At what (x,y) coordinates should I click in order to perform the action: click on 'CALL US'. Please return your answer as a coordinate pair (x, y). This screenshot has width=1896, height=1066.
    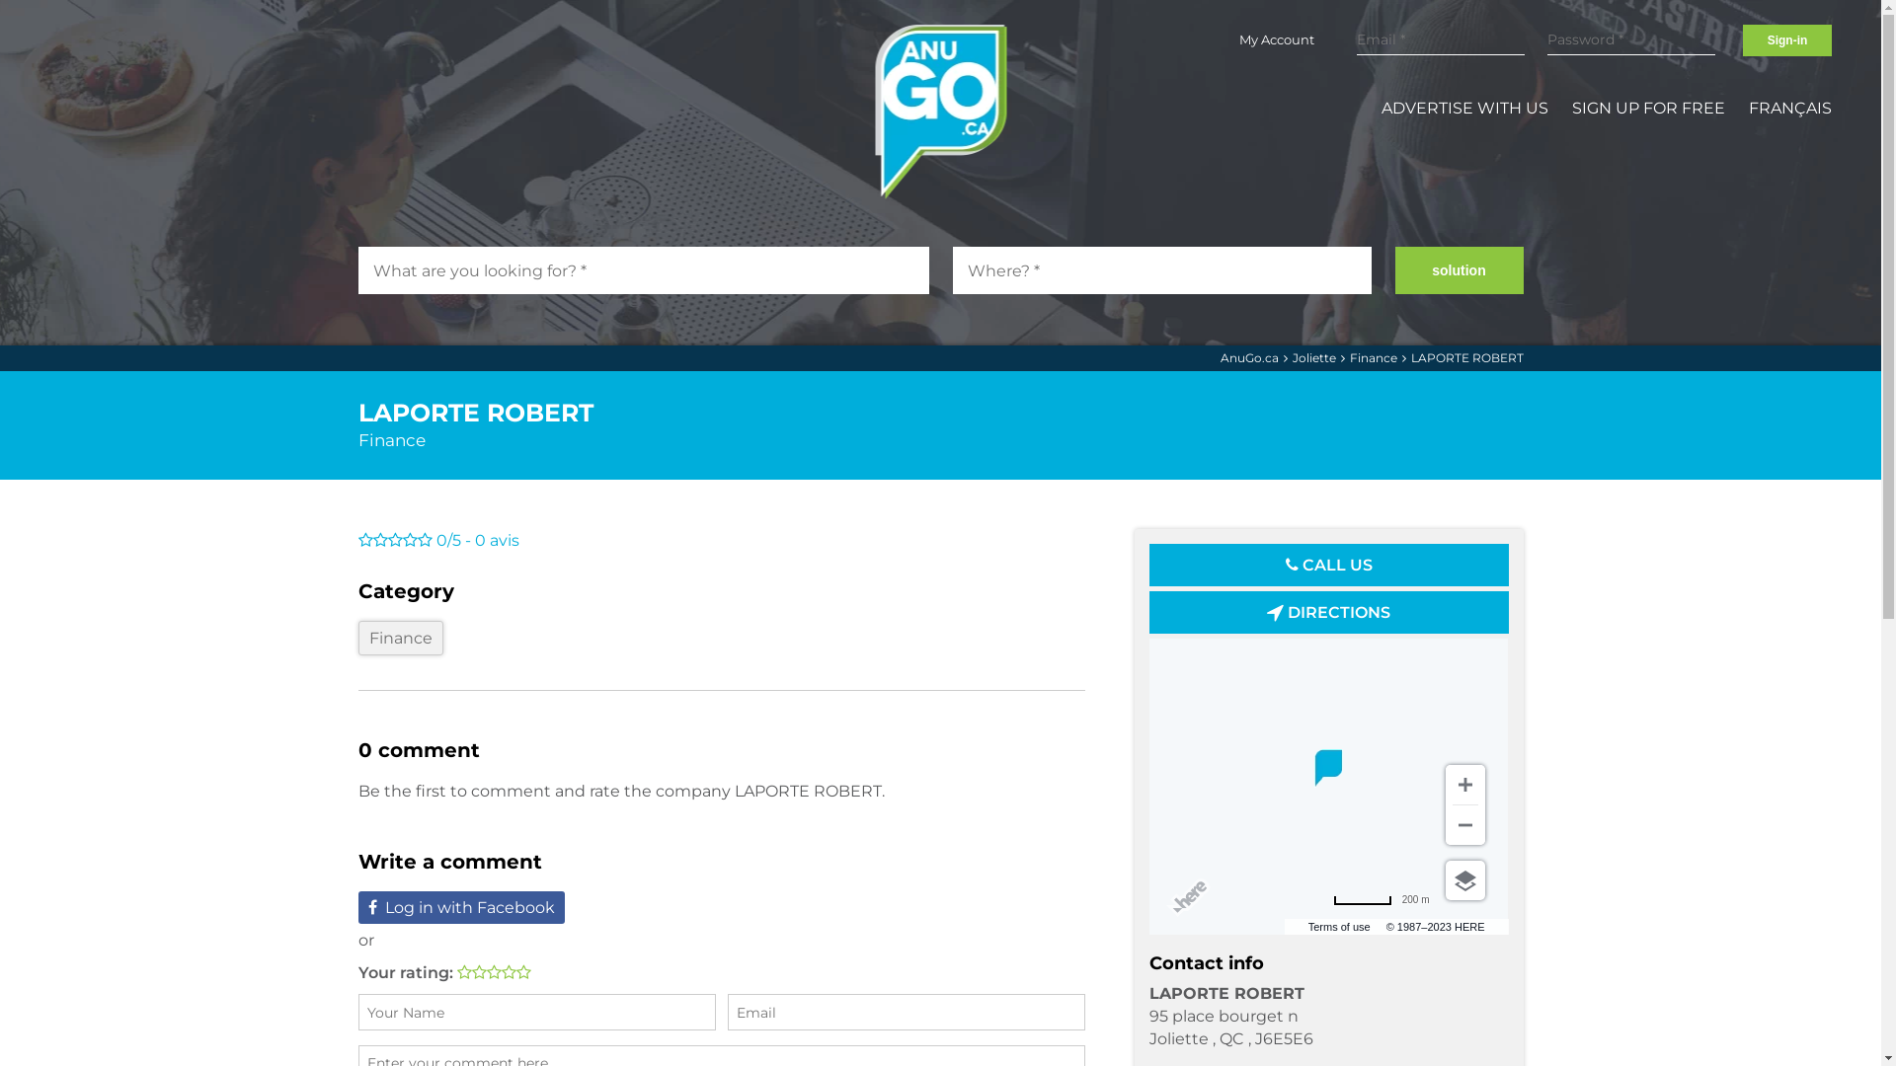
    Looking at the image, I should click on (1328, 565).